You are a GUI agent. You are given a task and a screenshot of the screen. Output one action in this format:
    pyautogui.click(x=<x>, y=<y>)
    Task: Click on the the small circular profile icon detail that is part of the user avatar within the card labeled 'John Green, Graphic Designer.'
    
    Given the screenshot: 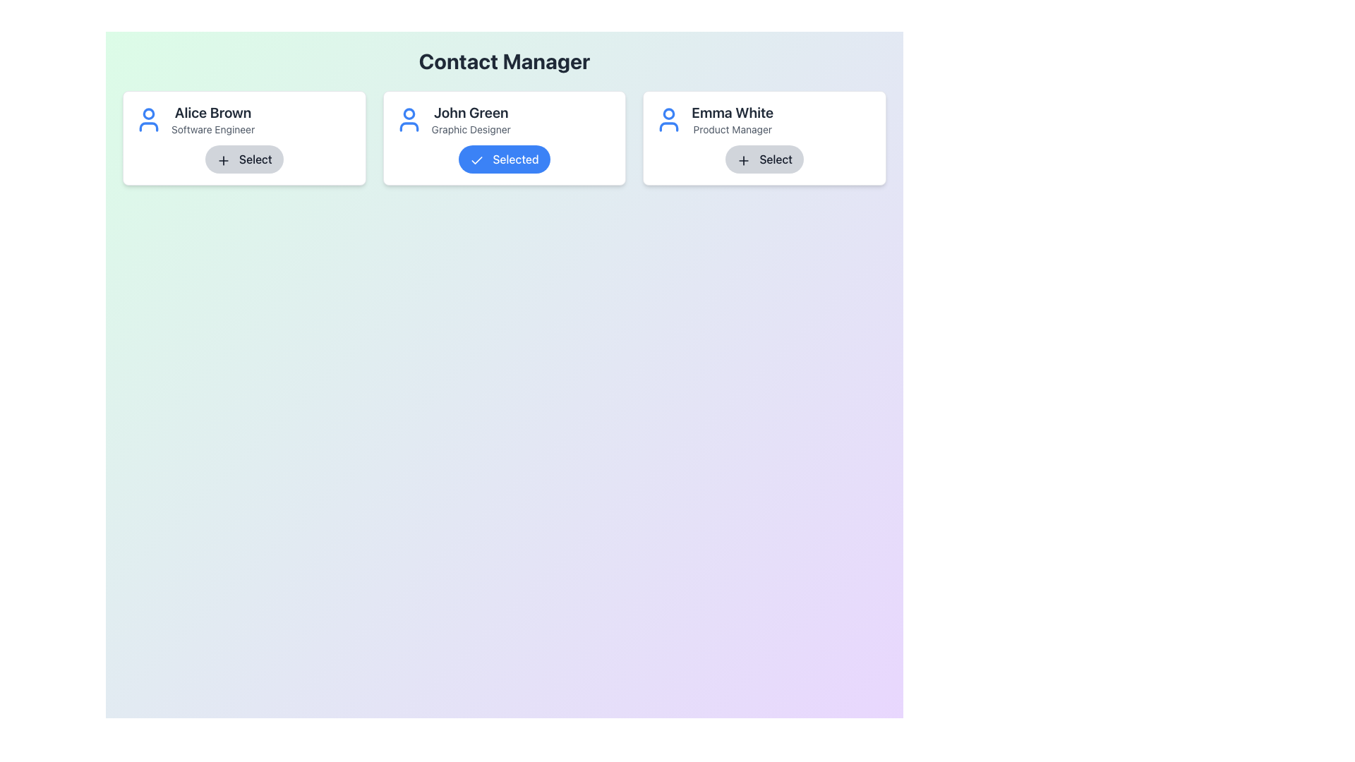 What is the action you would take?
    pyautogui.click(x=408, y=113)
    